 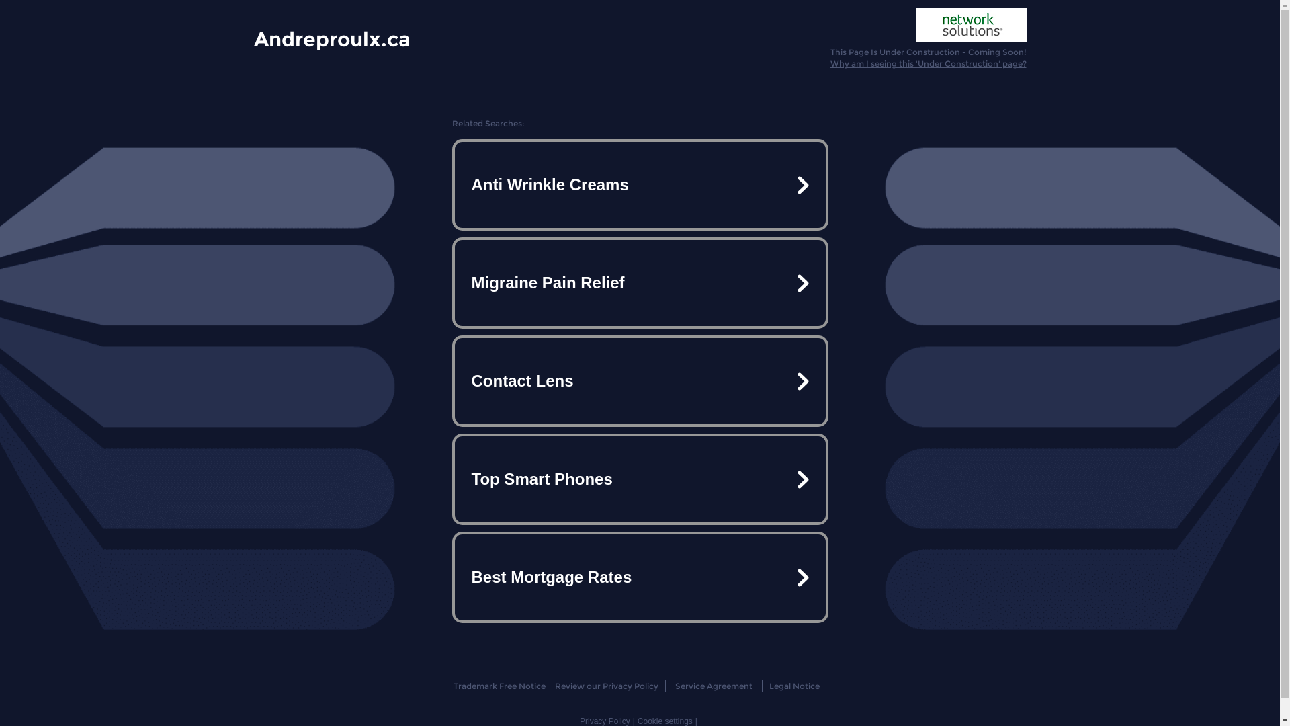 I want to click on 'Legal Notice', so click(x=794, y=686).